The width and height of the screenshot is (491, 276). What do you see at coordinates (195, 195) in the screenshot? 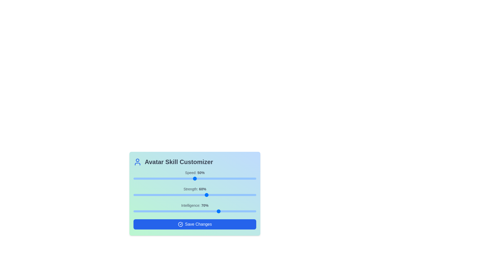
I see `the light blue slider bar with a circular knob, positioned below the 'Strength: 60%' label to focus on it` at bounding box center [195, 195].